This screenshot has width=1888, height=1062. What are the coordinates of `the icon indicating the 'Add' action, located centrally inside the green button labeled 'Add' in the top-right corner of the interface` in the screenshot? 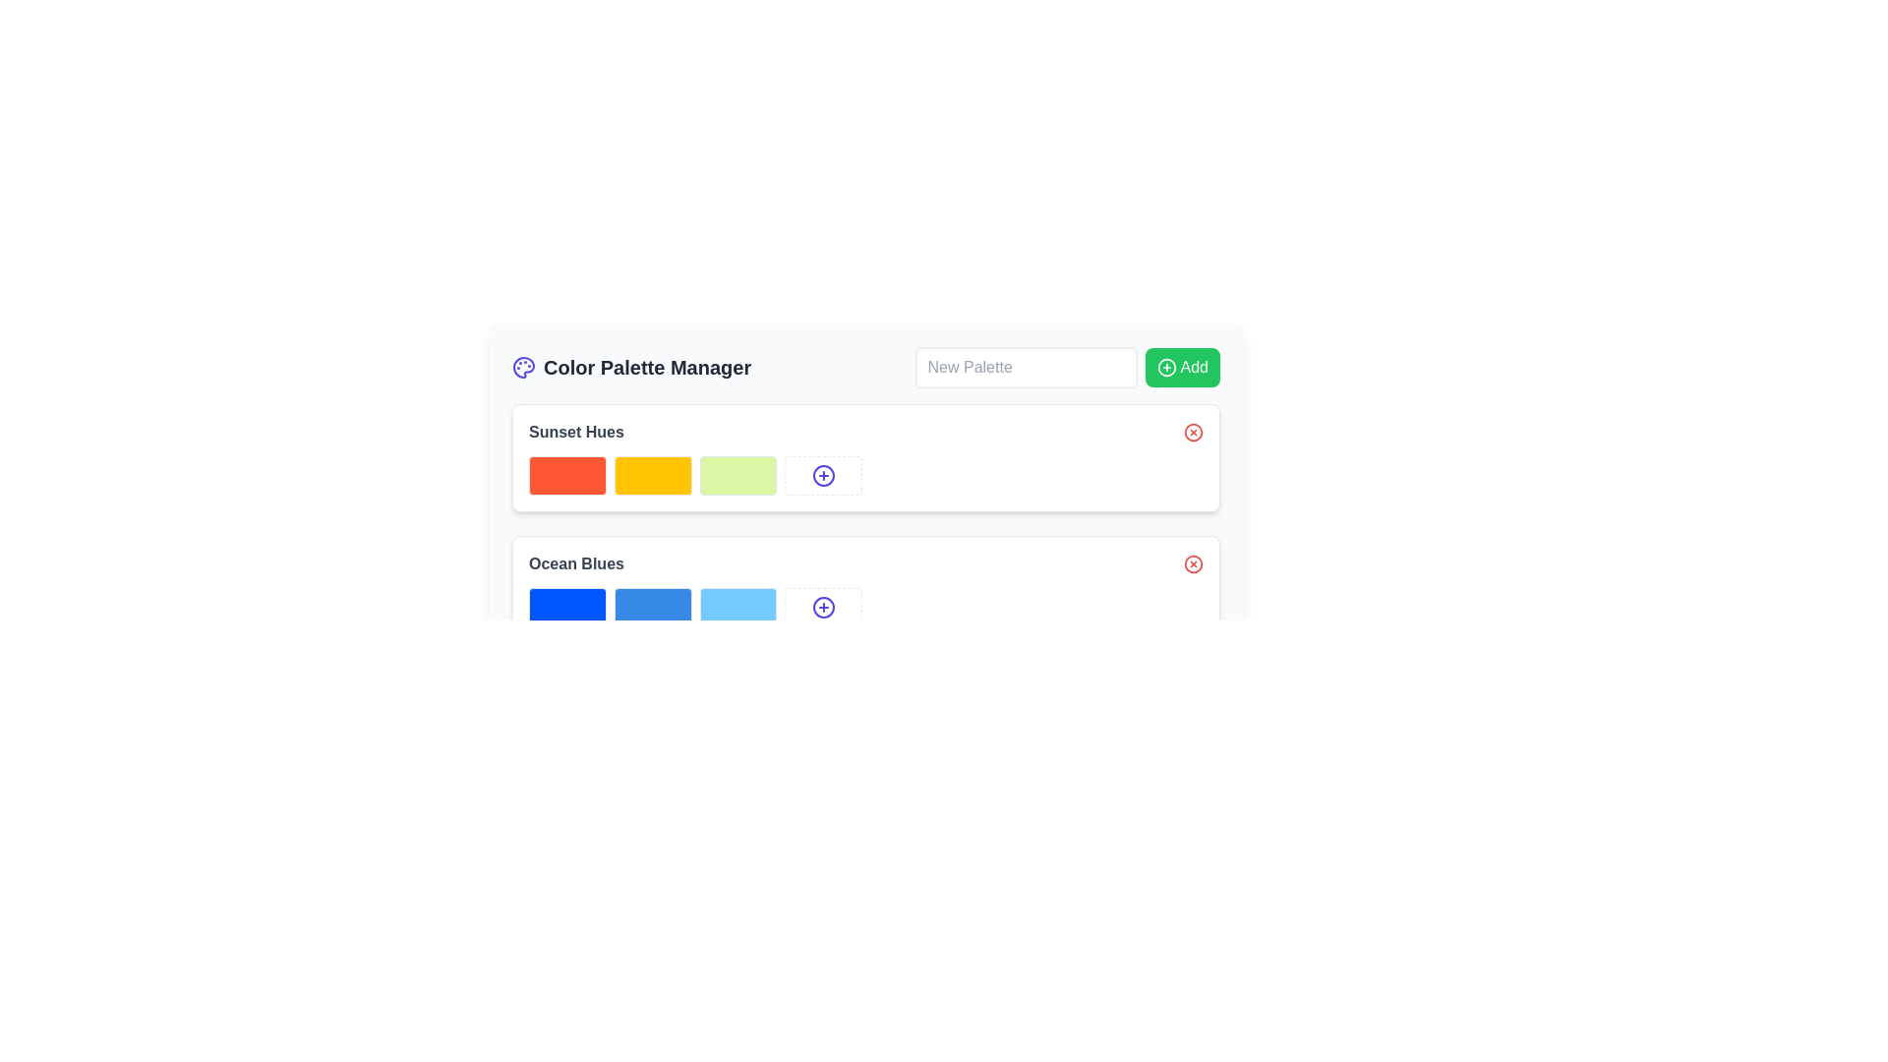 It's located at (1166, 368).